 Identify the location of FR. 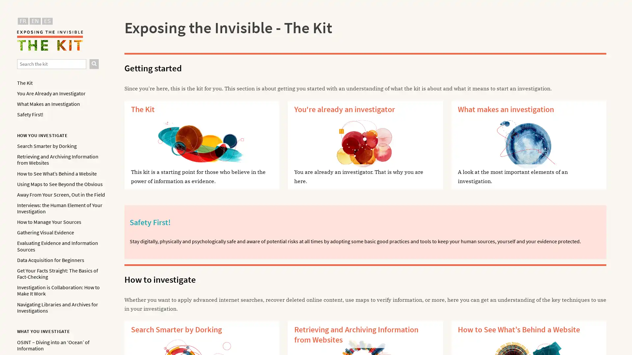
(22, 20).